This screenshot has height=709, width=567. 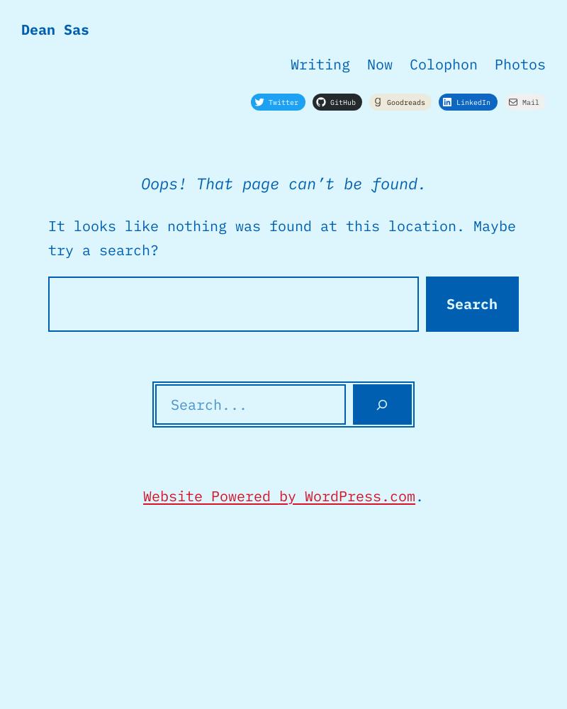 I want to click on 'Writing', so click(x=319, y=63).